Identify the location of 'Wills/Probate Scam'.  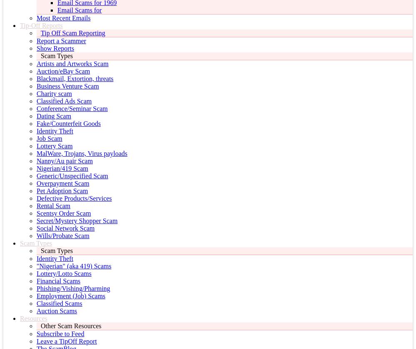
(63, 236).